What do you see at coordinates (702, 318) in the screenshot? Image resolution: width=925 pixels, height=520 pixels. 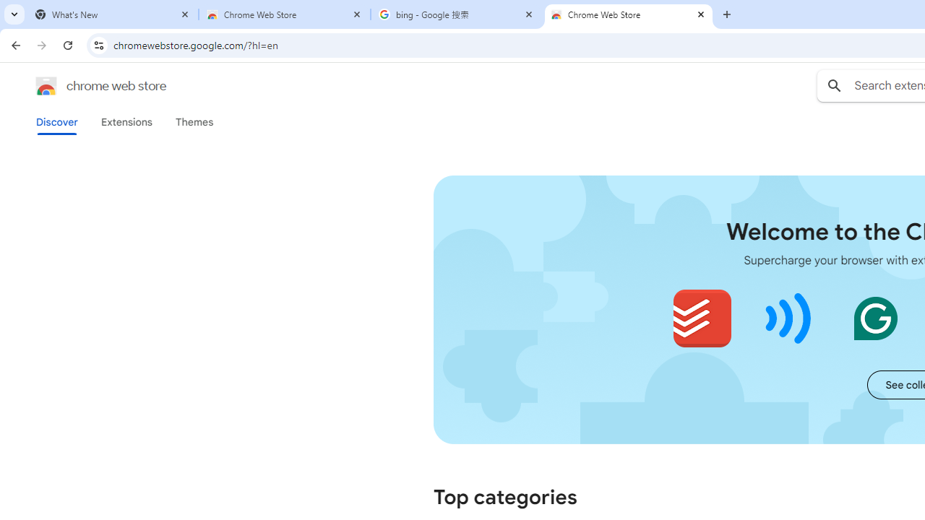 I see `'Todoist for Chrome'` at bounding box center [702, 318].